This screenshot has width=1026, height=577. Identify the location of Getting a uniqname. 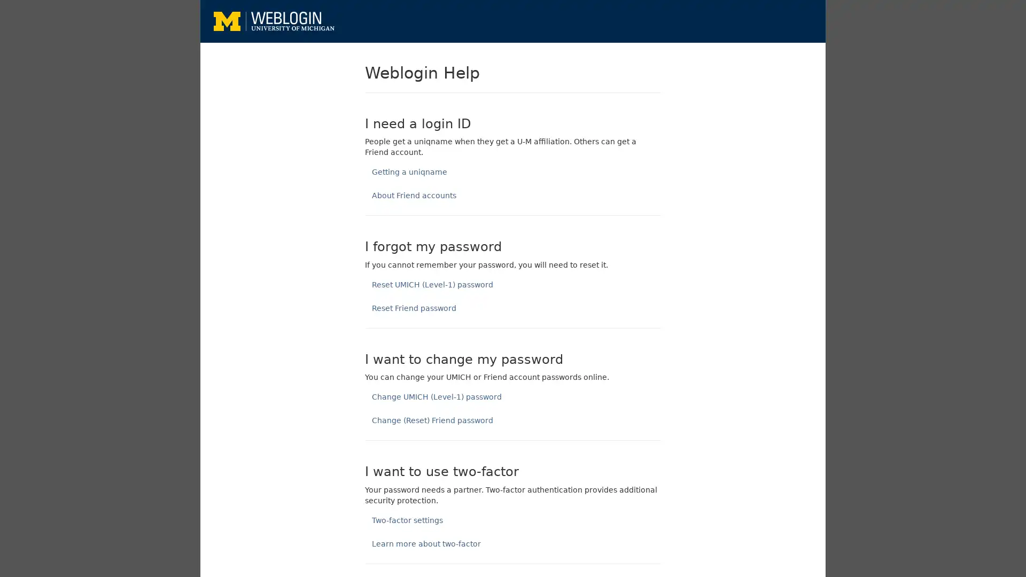
(408, 171).